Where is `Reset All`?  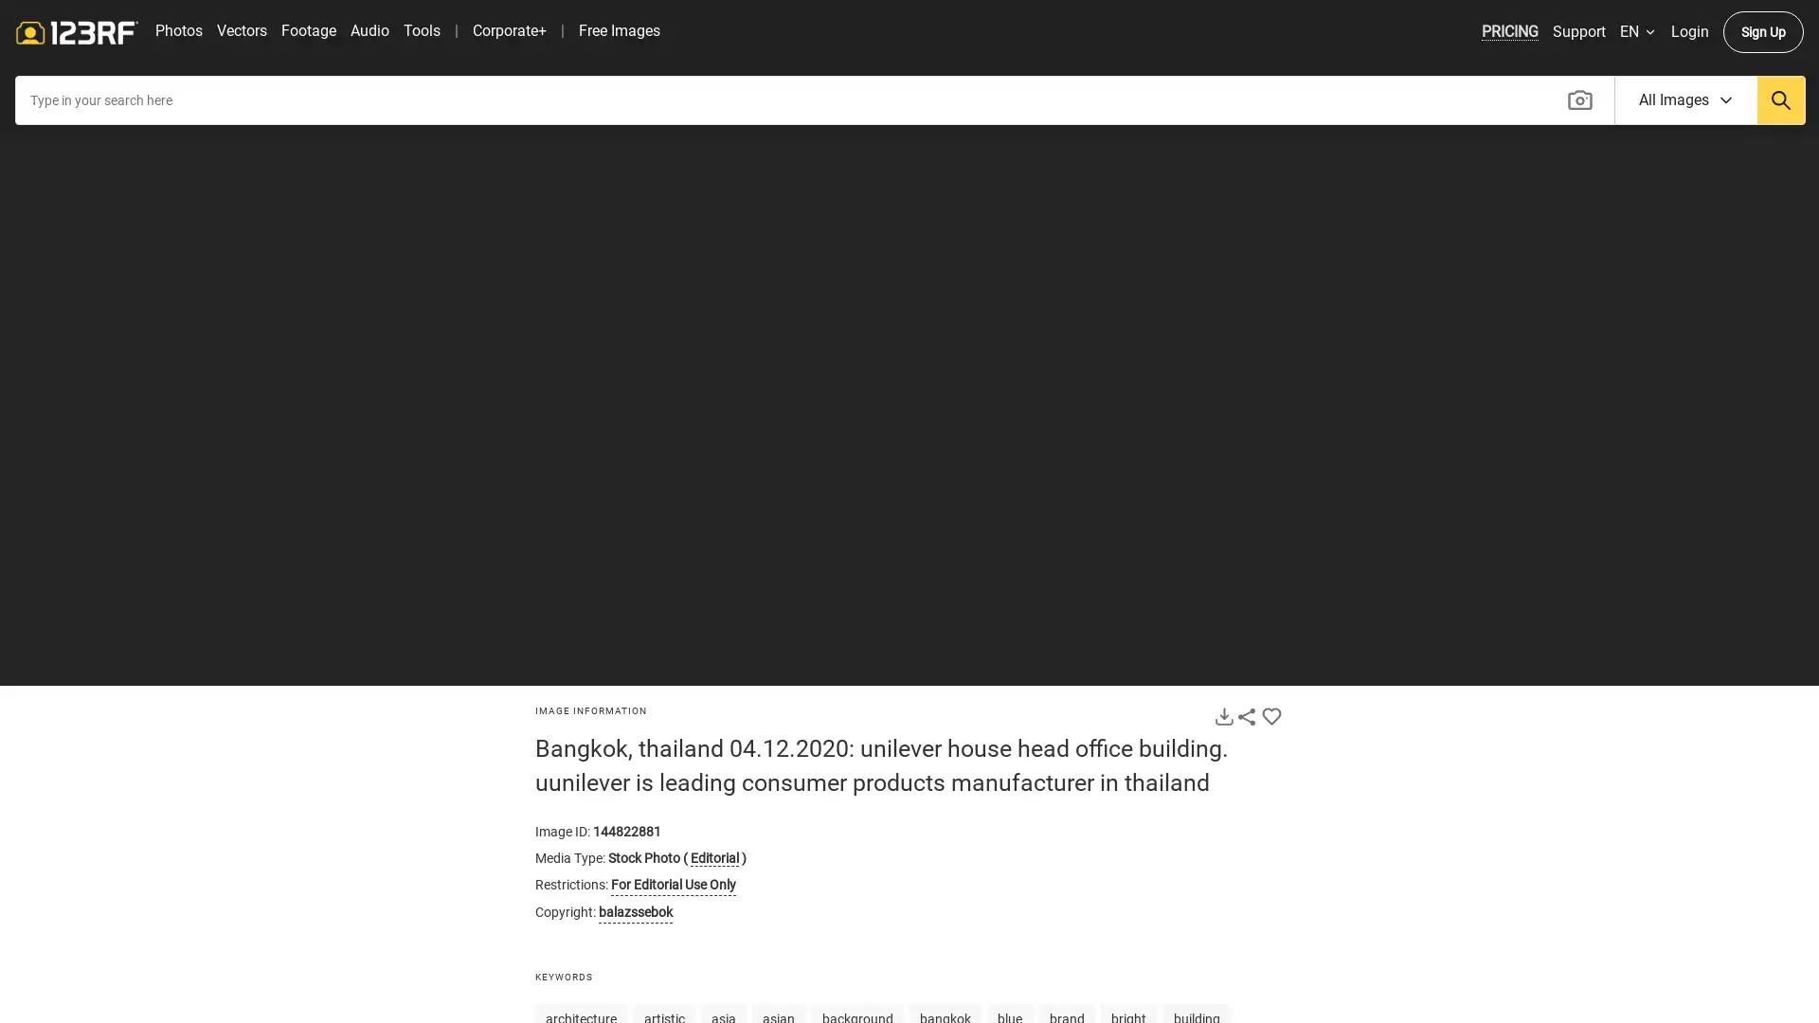 Reset All is located at coordinates (36, 587).